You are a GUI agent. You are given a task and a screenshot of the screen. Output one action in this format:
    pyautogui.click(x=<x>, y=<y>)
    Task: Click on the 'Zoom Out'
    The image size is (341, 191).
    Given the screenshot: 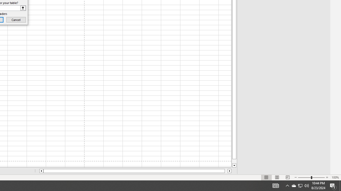 What is the action you would take?
    pyautogui.click(x=305, y=177)
    